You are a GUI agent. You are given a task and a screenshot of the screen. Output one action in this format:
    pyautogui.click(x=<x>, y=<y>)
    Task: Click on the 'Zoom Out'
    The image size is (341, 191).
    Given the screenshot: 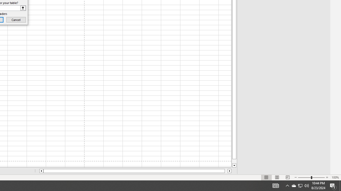 What is the action you would take?
    pyautogui.click(x=305, y=177)
    